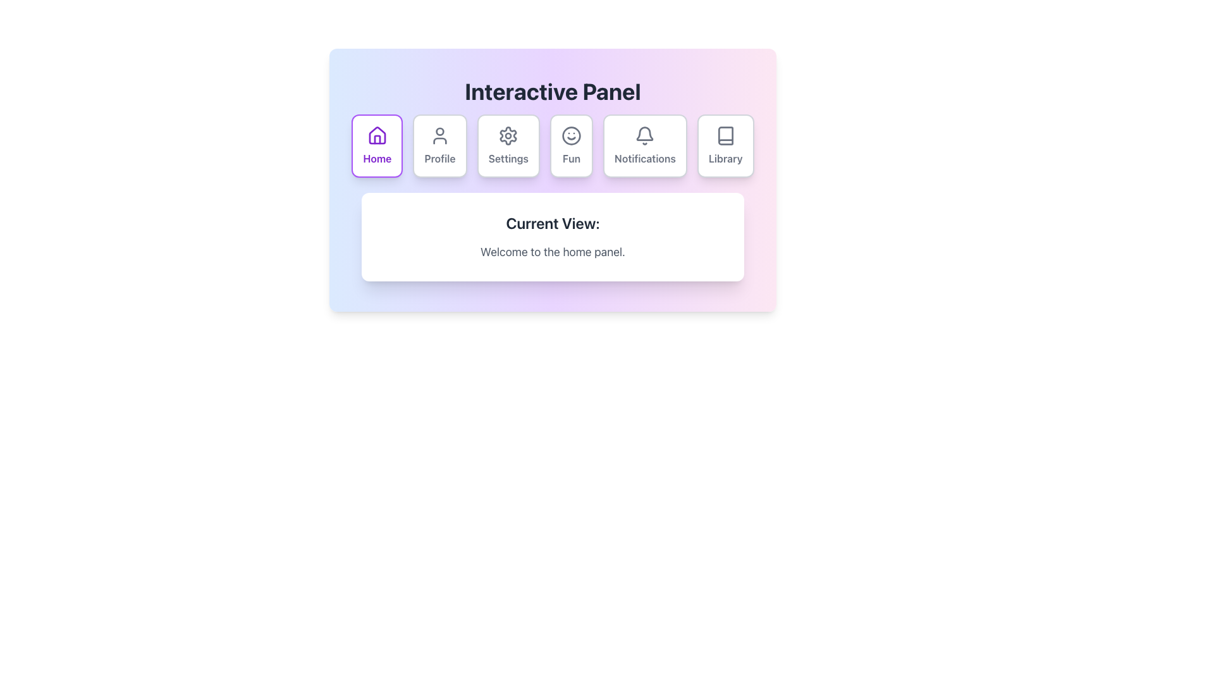  What do you see at coordinates (725, 136) in the screenshot?
I see `the 'Library' icon located at the bottom right corner of the interactive panel, positioned above the text 'Library'` at bounding box center [725, 136].